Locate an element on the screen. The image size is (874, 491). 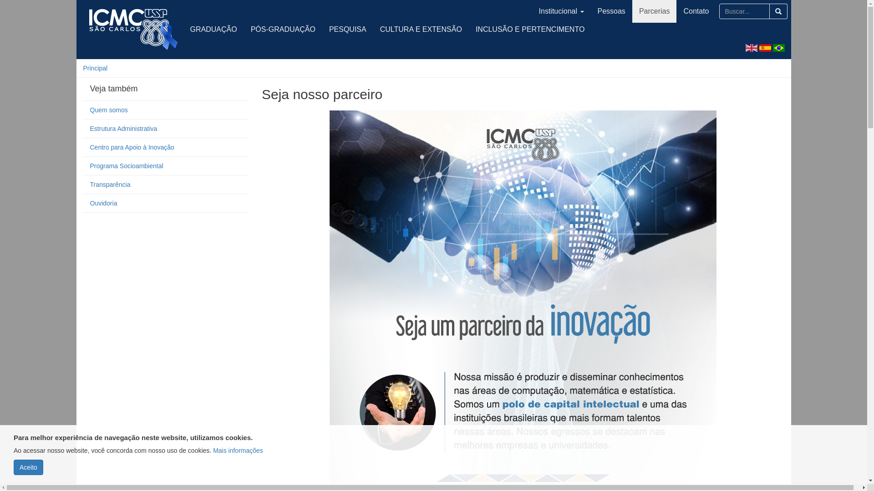
'Estrutura Administrativa' is located at coordinates (165, 129).